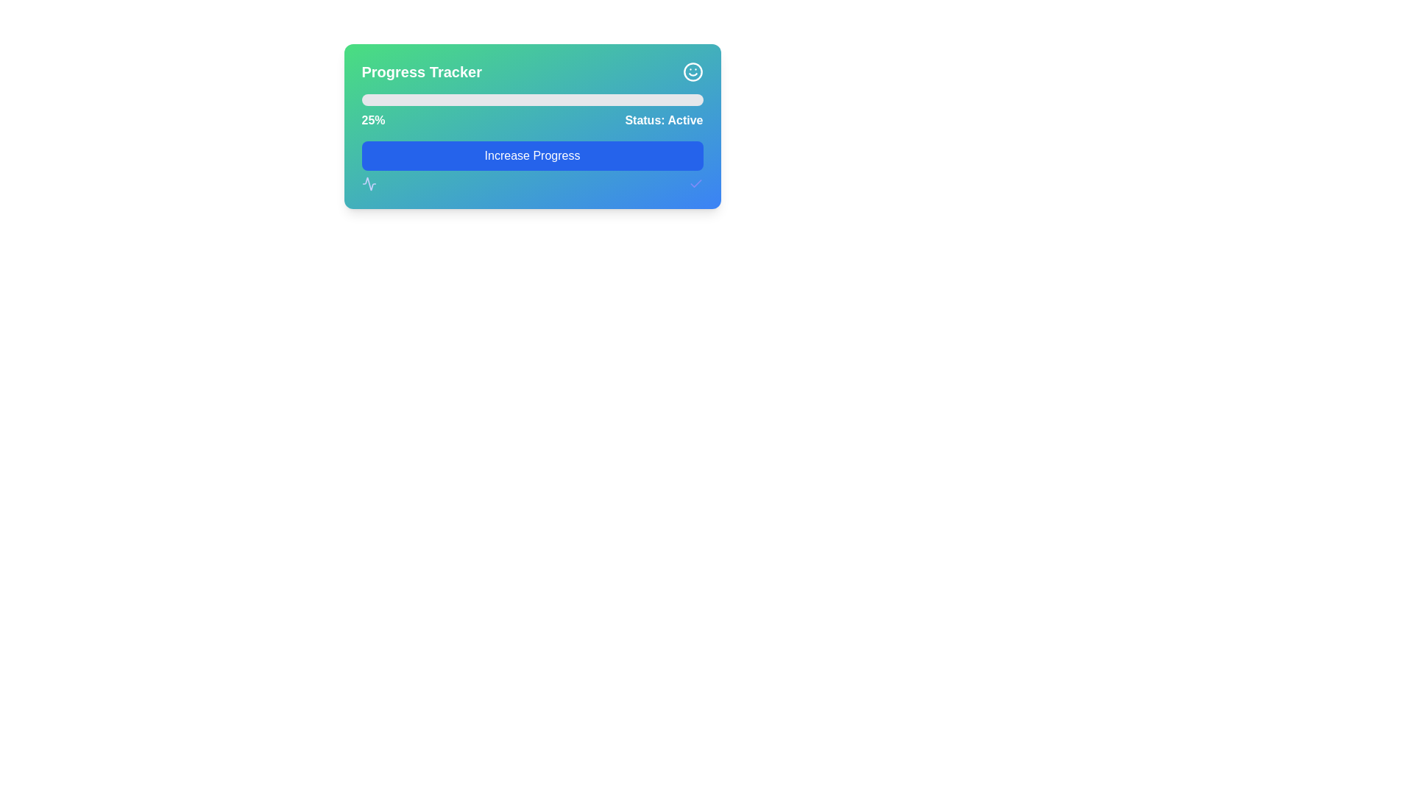  Describe the element at coordinates (531, 99) in the screenshot. I see `the visual updates of the Progress bar, which is a horizontal rectangular element with rounded ends, located centrally below the title 'Progress Tracker'` at that location.